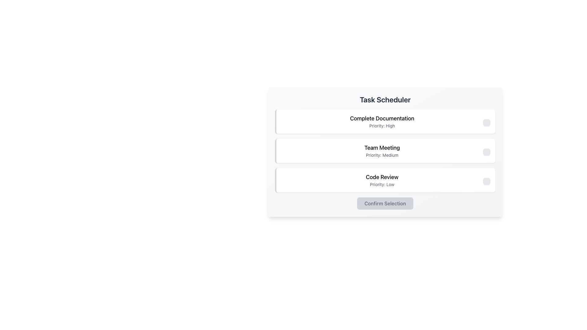  What do you see at coordinates (382, 126) in the screenshot?
I see `the text label displaying 'Priority: High', which is located directly below the text 'Complete Documentation' in the topmost task section` at bounding box center [382, 126].